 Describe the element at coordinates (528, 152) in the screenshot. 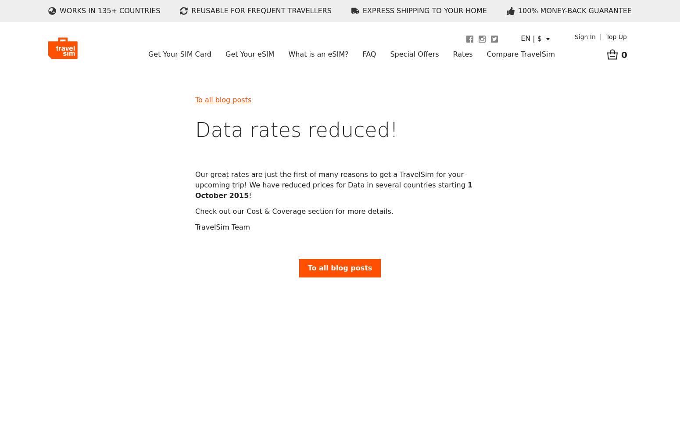

I see `'Telstra vs TravelSim'` at that location.